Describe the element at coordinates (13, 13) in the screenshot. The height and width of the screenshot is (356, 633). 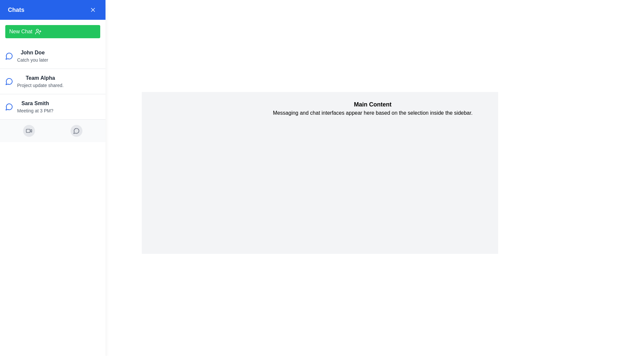
I see `the 'X' shaped icon button located in the top-left corner of the sidebar area` at that location.